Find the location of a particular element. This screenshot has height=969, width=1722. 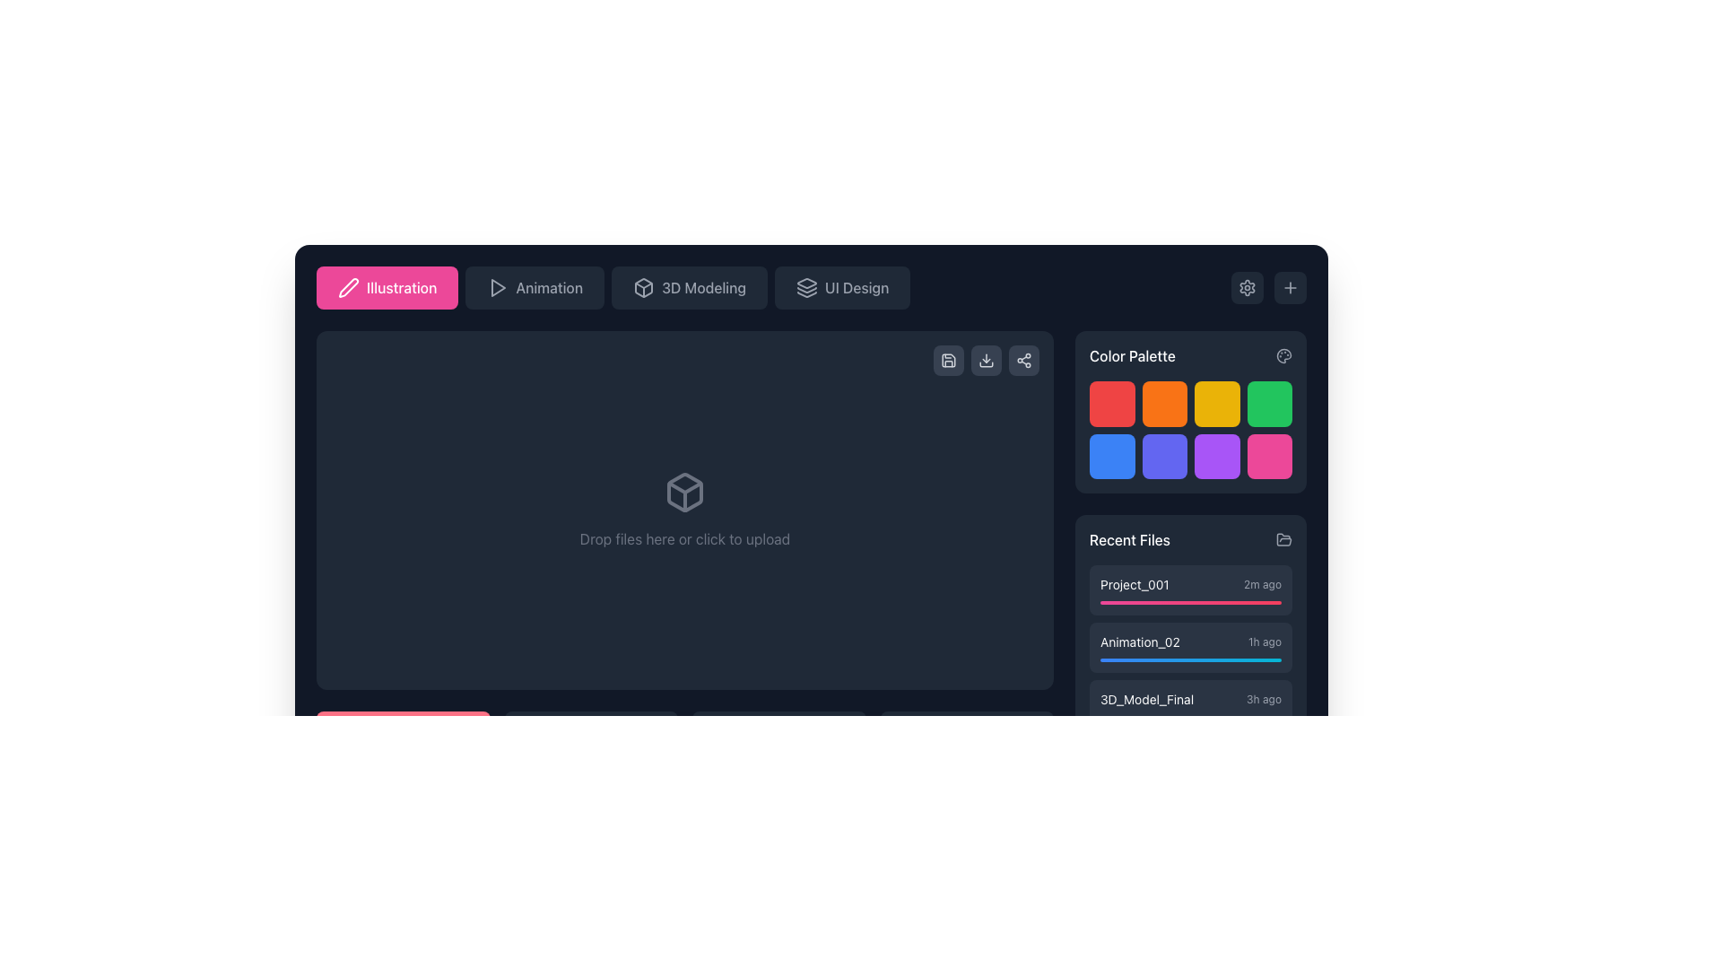

the orange color button in the Color Palette section is located at coordinates (1164, 404).